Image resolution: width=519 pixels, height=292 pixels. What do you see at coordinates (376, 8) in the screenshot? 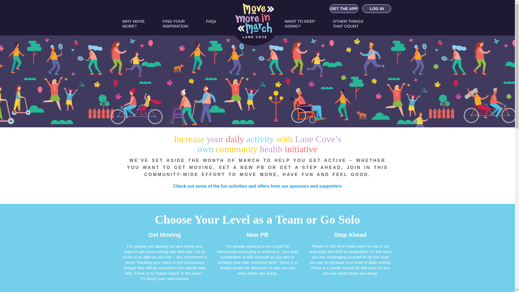
I see `'LOG IN'` at bounding box center [376, 8].